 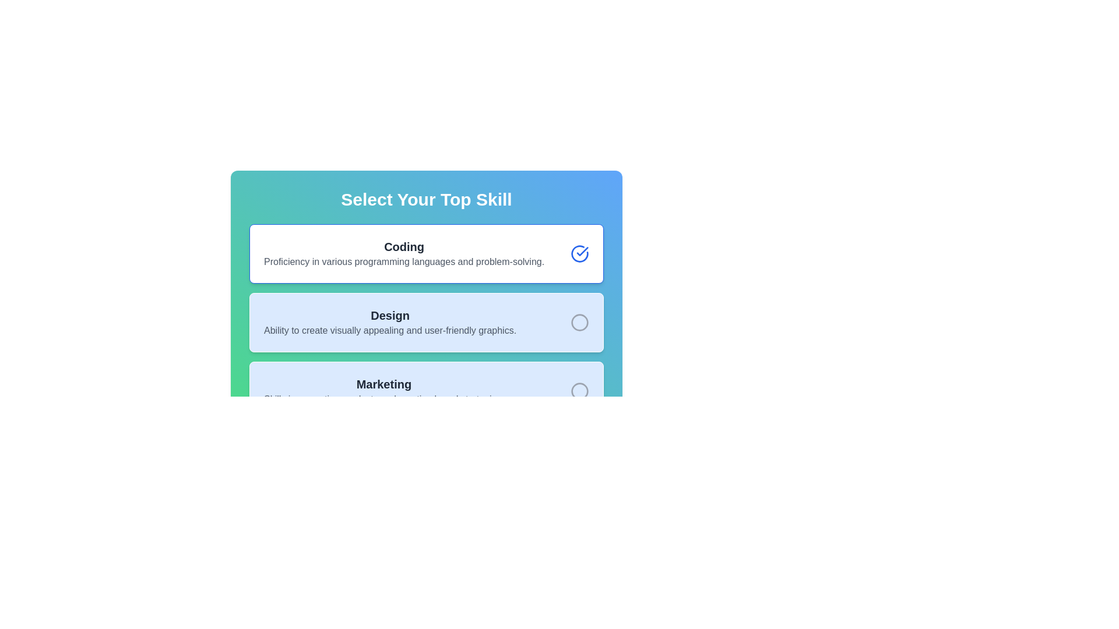 I want to click on the circular graphical icon located at the right edge of the 'Marketing' skill selection box, so click(x=579, y=391).